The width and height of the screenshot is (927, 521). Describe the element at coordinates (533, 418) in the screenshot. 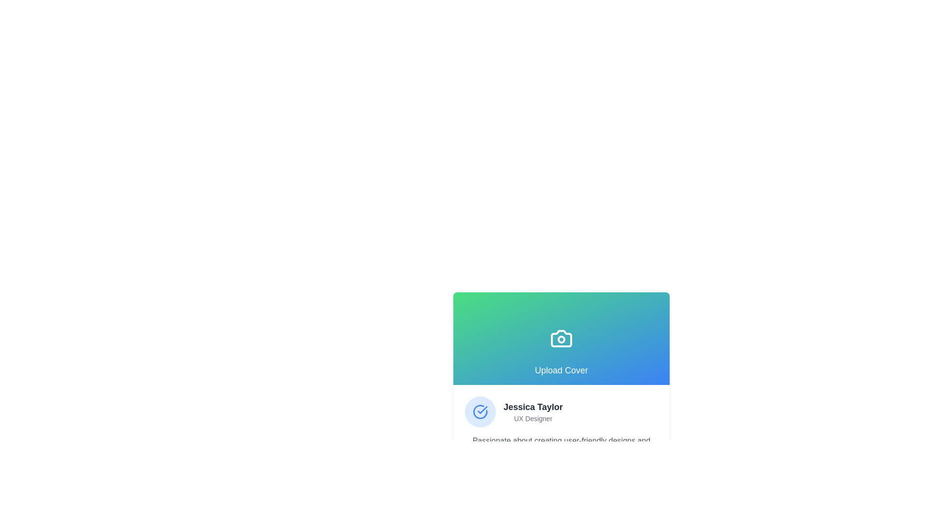

I see `the static text element displaying 'UX Designer' located beneath the name 'Jessica Taylor' in the profile card layout` at that location.